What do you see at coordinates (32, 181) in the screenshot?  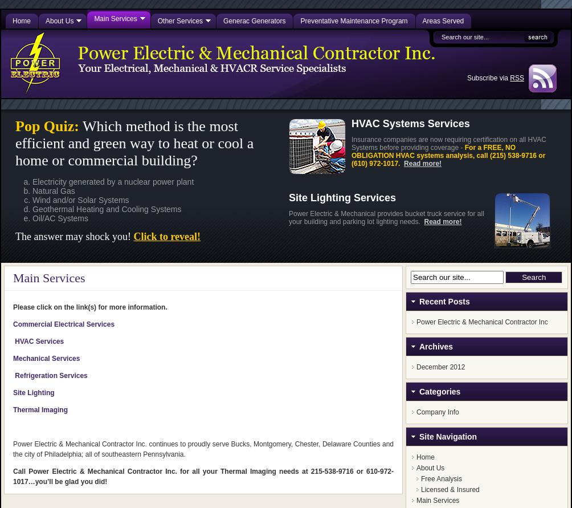 I see `'Electricity generated by a nuclear power plant'` at bounding box center [32, 181].